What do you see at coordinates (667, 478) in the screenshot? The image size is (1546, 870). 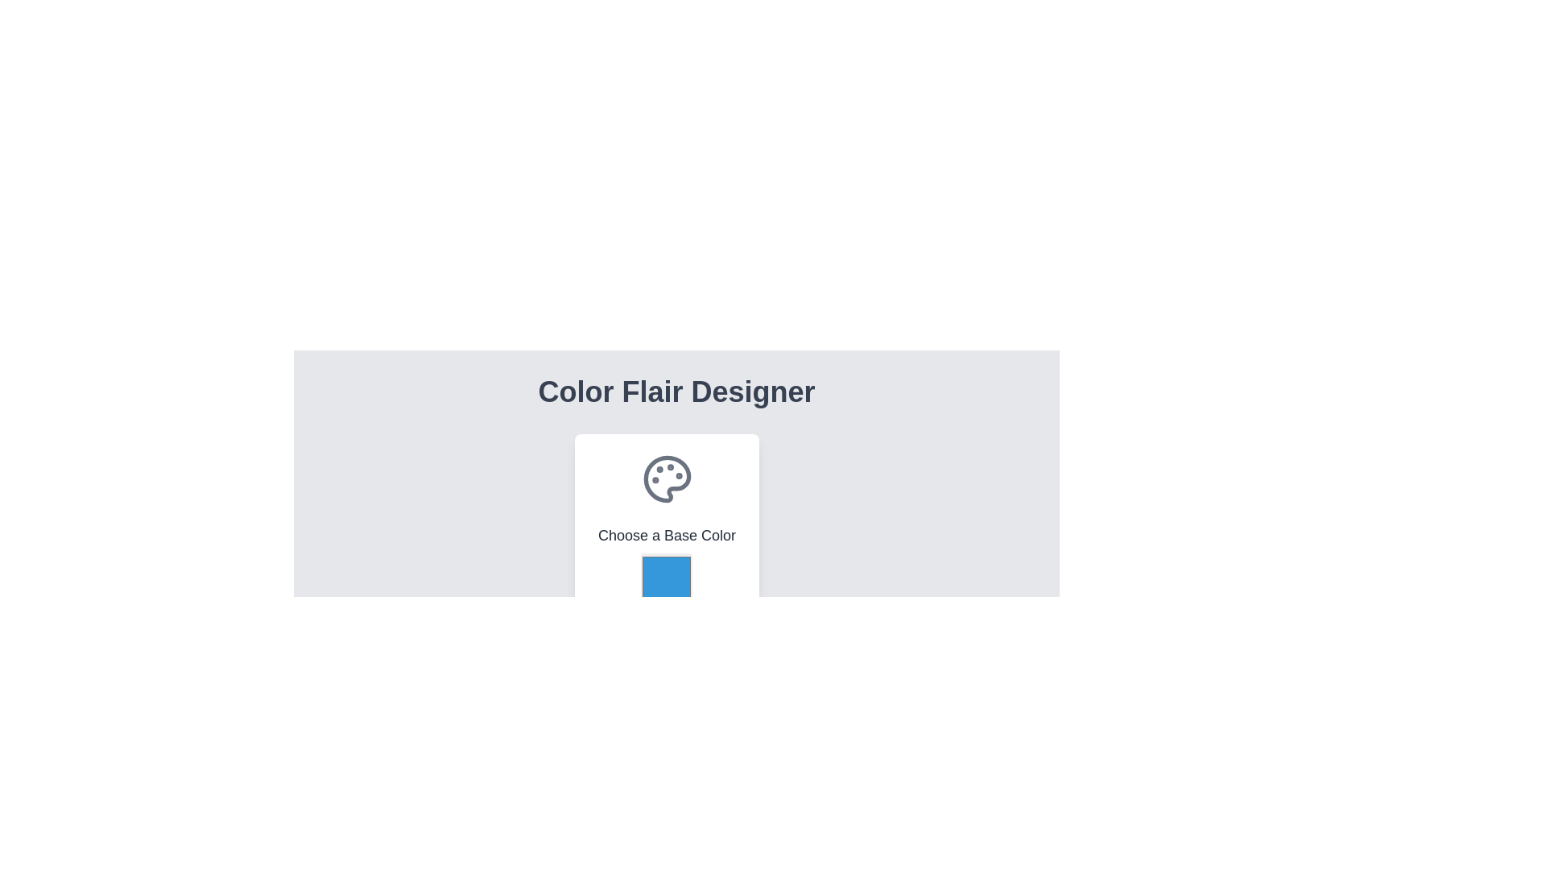 I see `the illustrative vector icon representing the color palette` at bounding box center [667, 478].